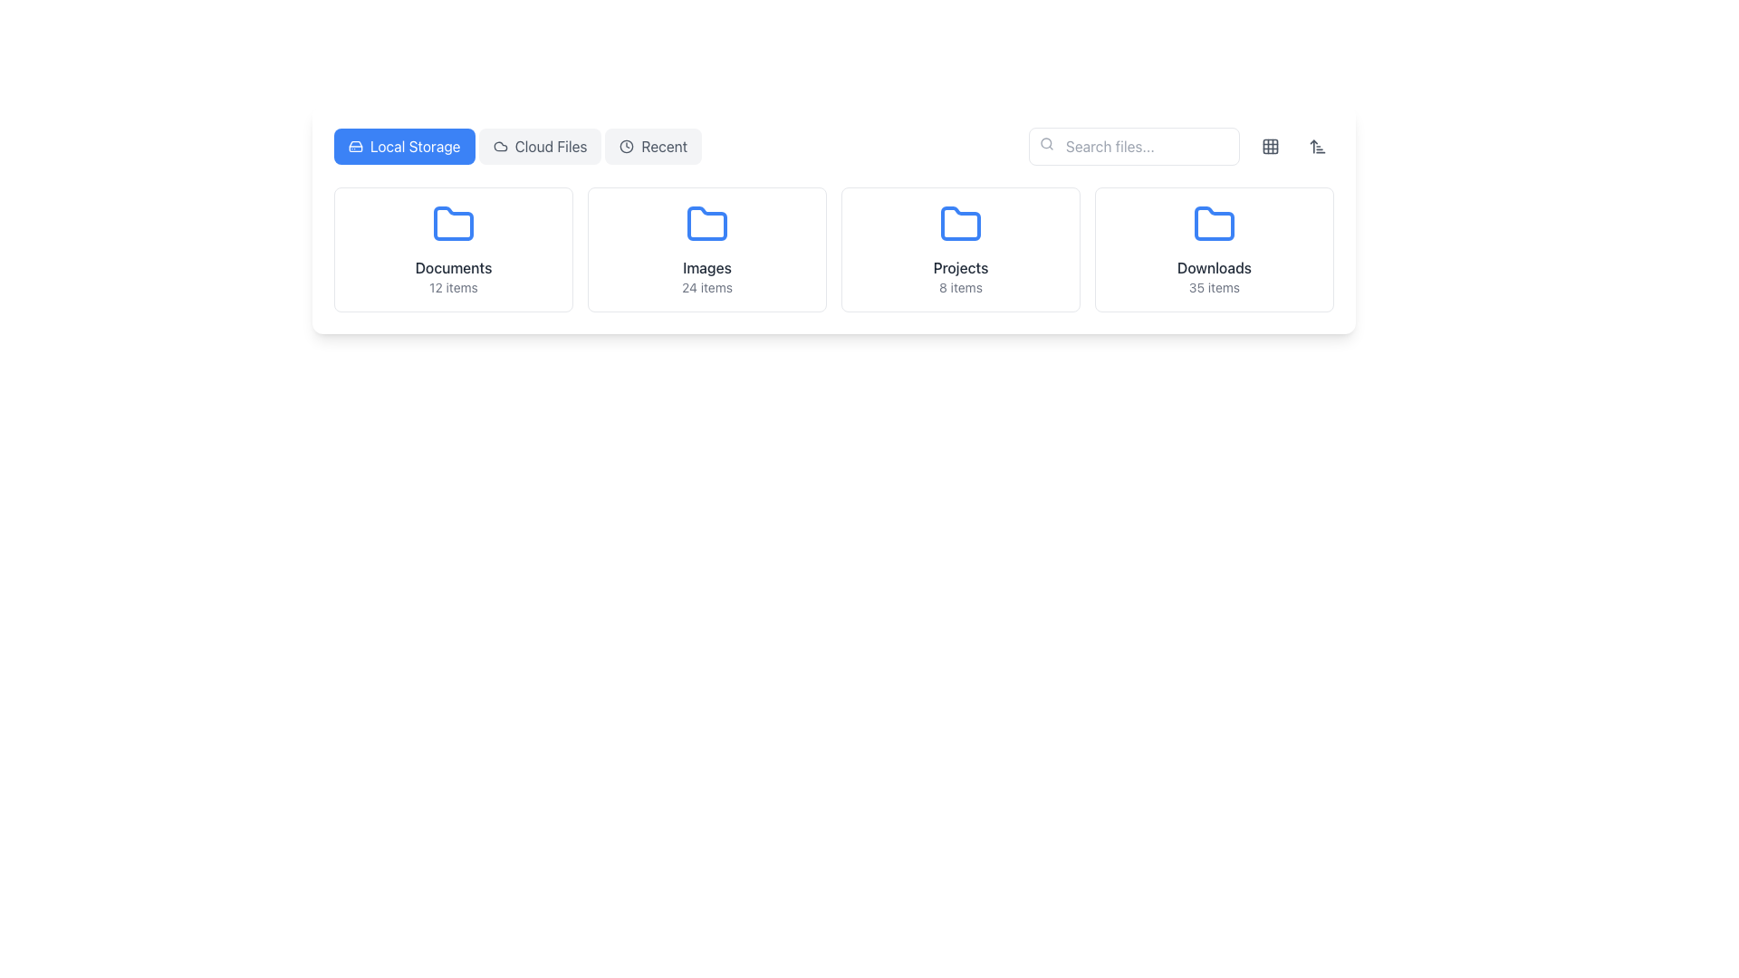 This screenshot has height=978, width=1739. Describe the element at coordinates (516, 146) in the screenshot. I see `the 'Cloud Files' tab in the navigation bar` at that location.